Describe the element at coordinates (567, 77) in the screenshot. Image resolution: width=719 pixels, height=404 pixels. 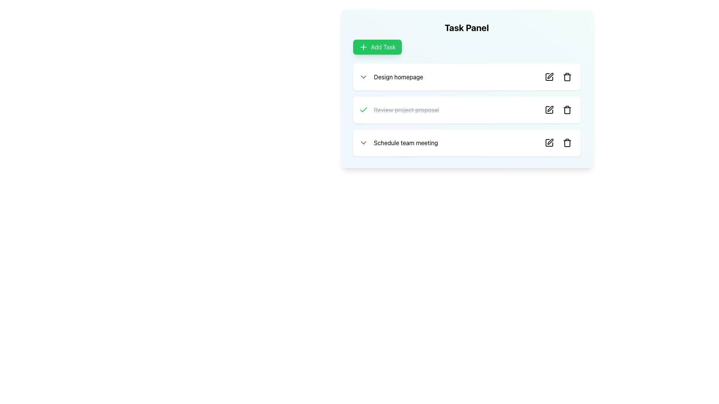
I see `the delete button located in the topmost task row, aligned to the right side next to the edit pencil icon` at that location.